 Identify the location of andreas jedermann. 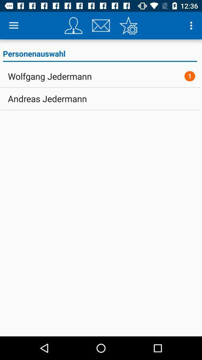
(47, 98).